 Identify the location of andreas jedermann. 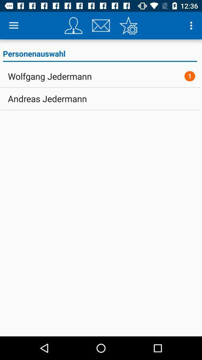
(47, 98).